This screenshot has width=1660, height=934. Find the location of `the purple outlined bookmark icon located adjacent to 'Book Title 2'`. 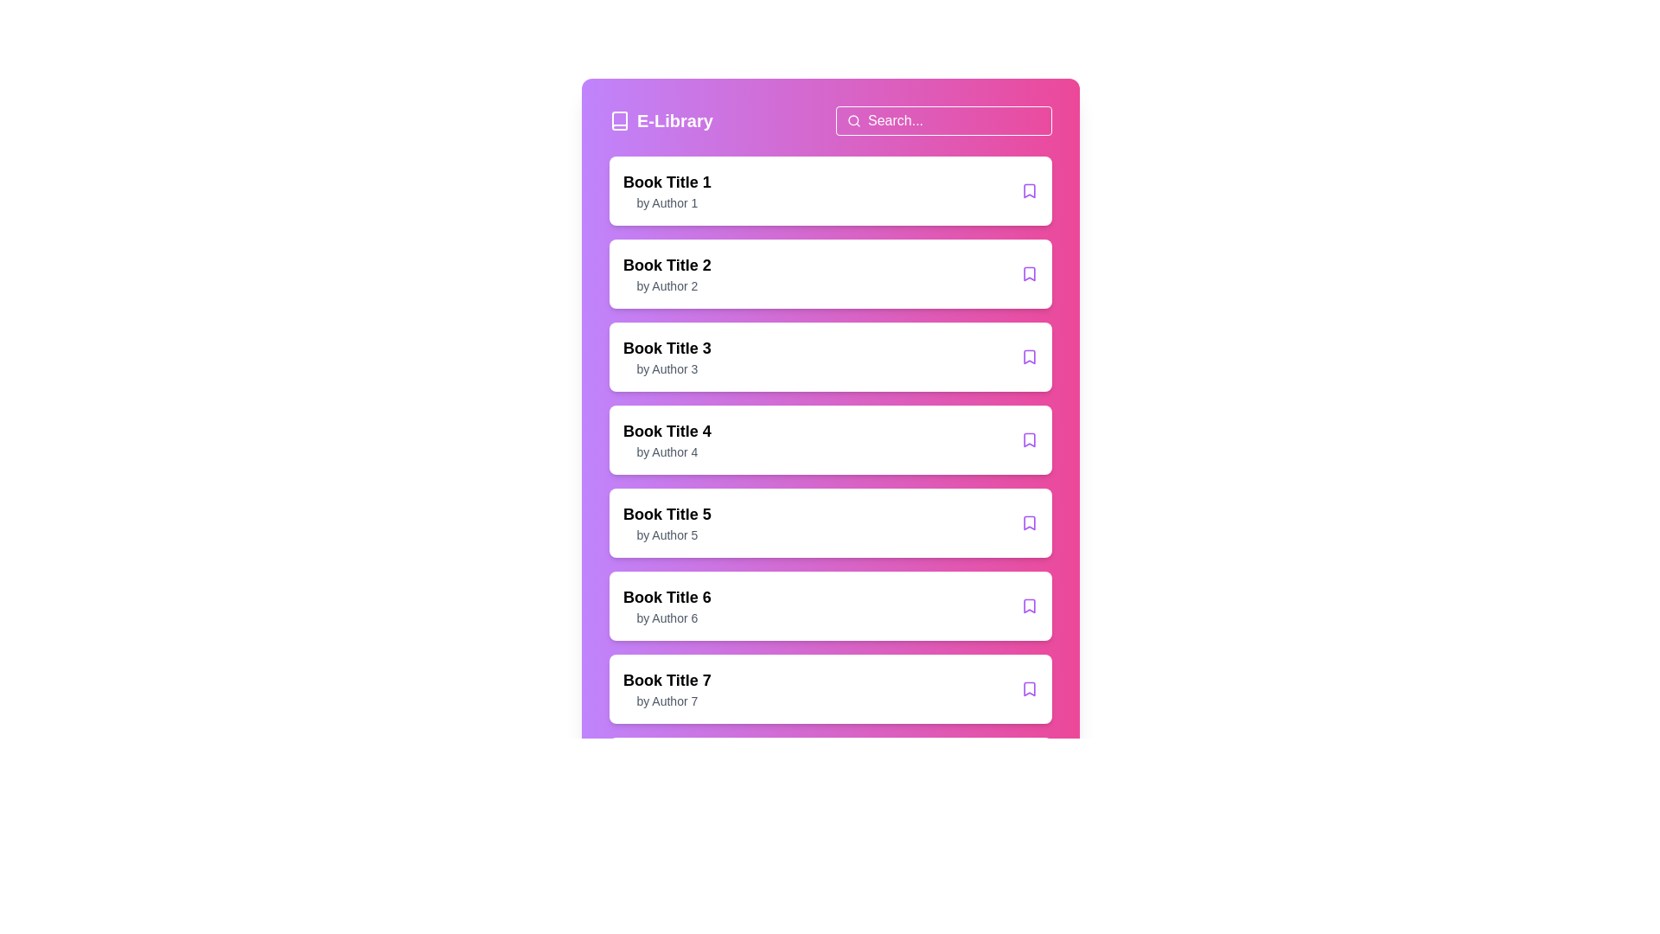

the purple outlined bookmark icon located adjacent to 'Book Title 2' is located at coordinates (1029, 272).